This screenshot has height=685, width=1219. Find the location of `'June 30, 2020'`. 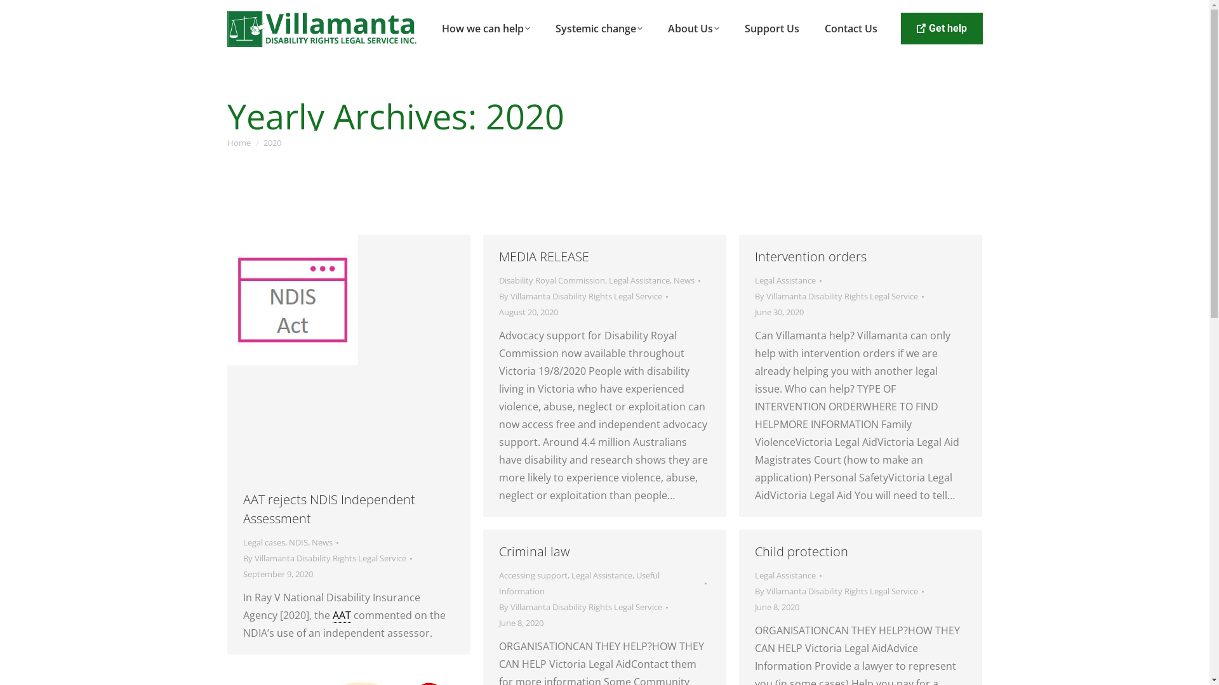

'June 30, 2020' is located at coordinates (778, 312).